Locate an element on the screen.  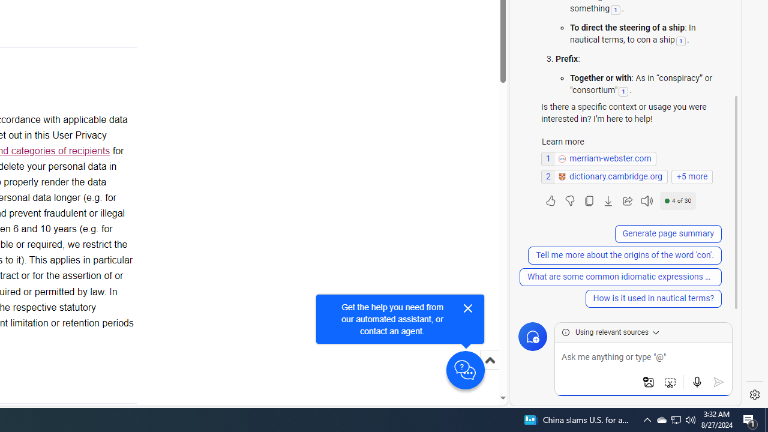
'Scroll to top' is located at coordinates (490, 372).